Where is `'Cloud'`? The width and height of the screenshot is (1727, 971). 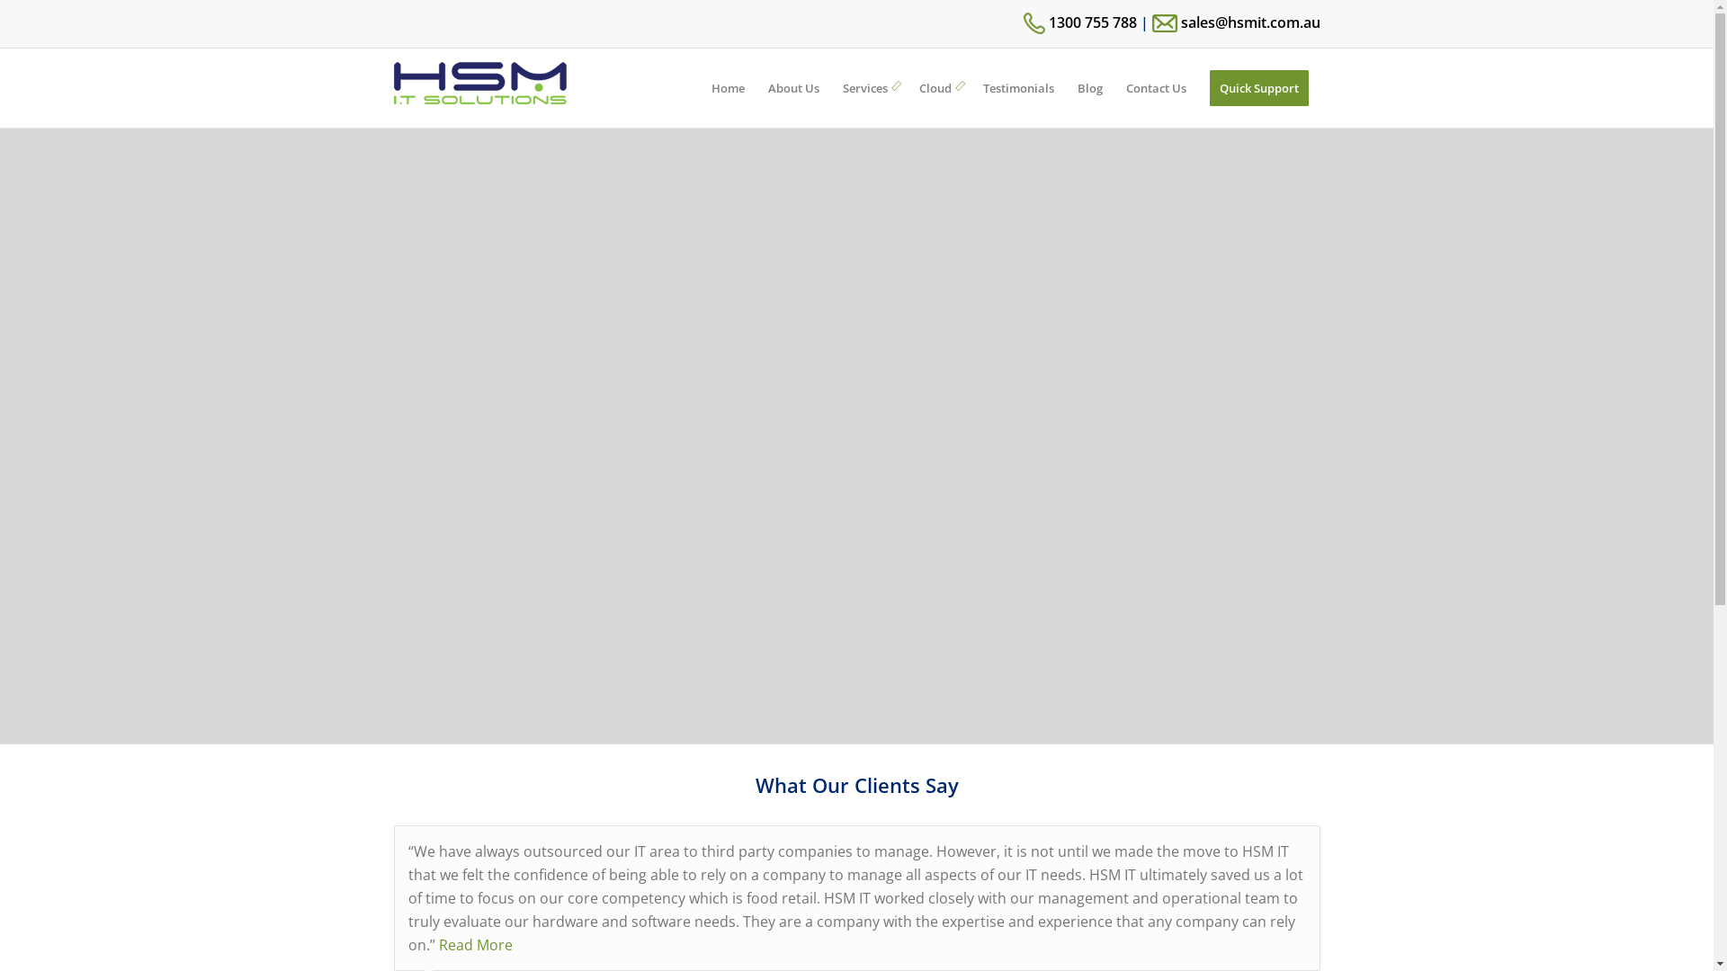 'Cloud' is located at coordinates (938, 87).